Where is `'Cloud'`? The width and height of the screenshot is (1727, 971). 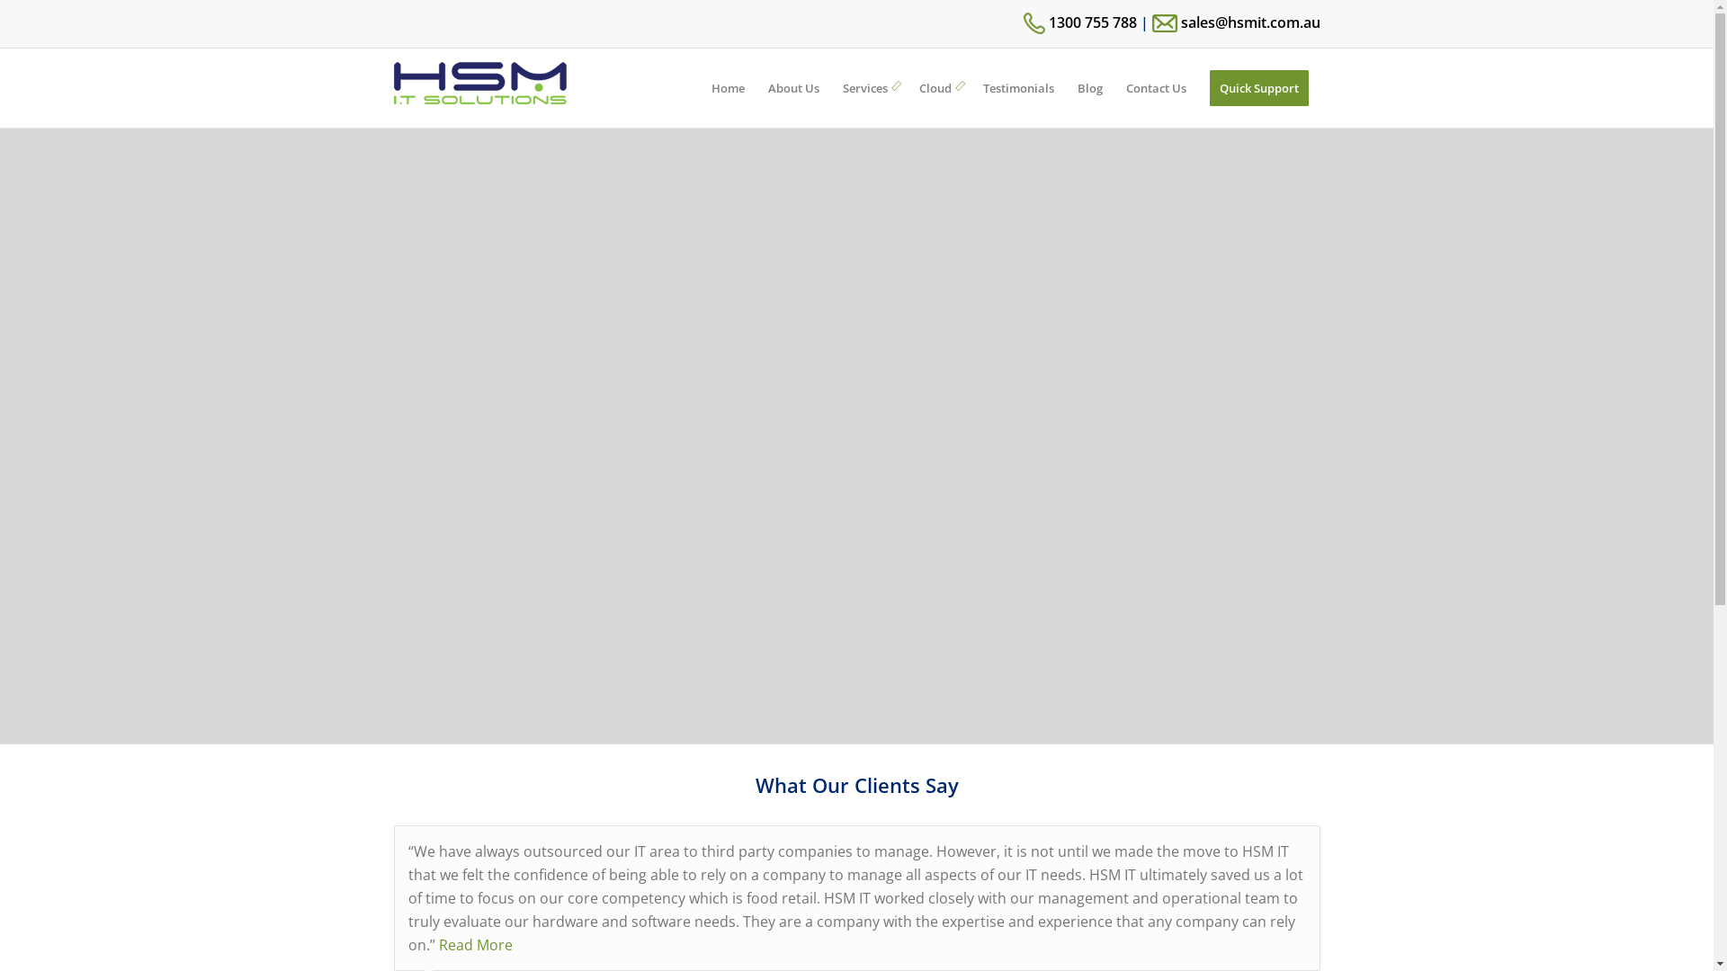 'Cloud' is located at coordinates (938, 87).